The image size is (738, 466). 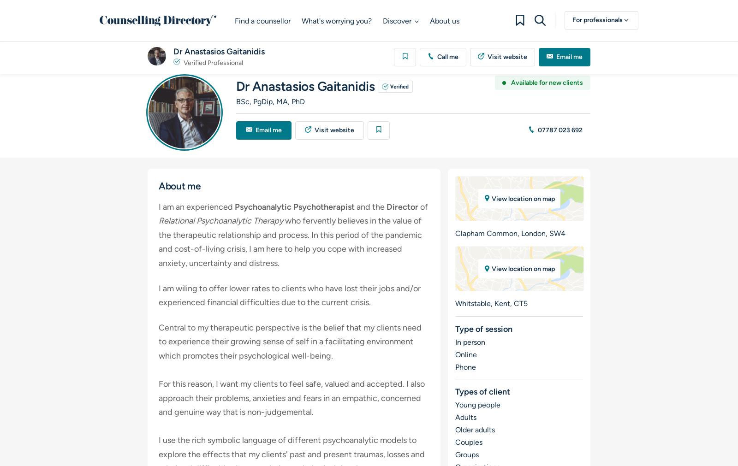 What do you see at coordinates (159, 185) in the screenshot?
I see `'About me'` at bounding box center [159, 185].